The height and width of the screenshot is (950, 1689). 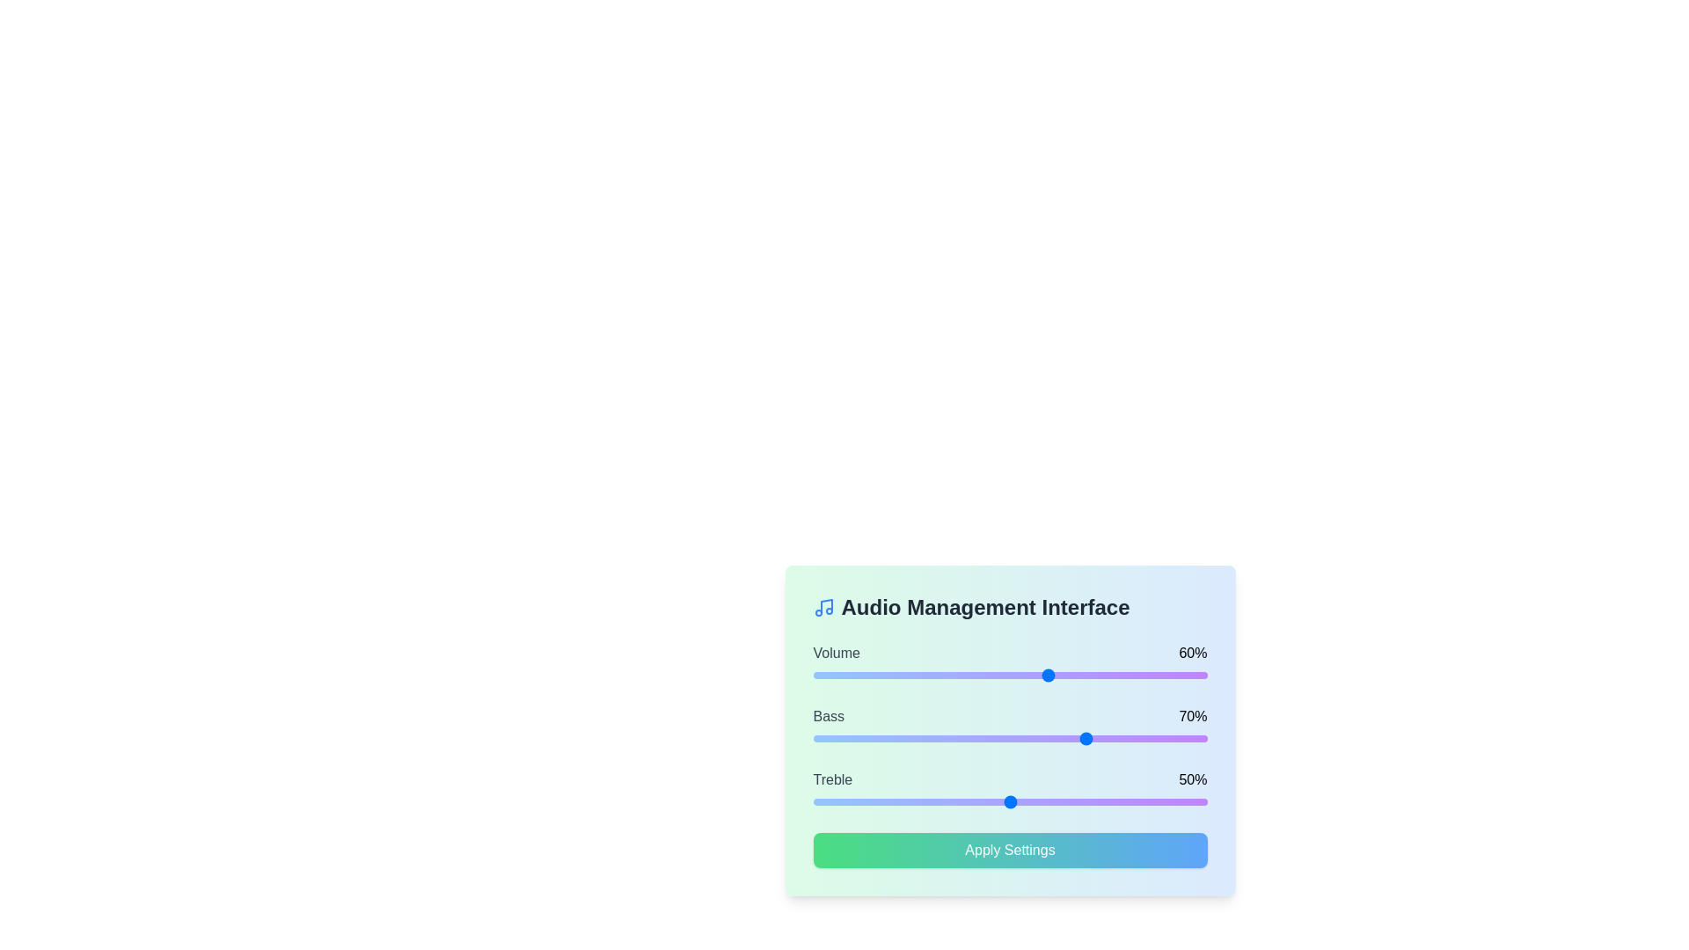 What do you see at coordinates (958, 739) in the screenshot?
I see `the bass level` at bounding box center [958, 739].